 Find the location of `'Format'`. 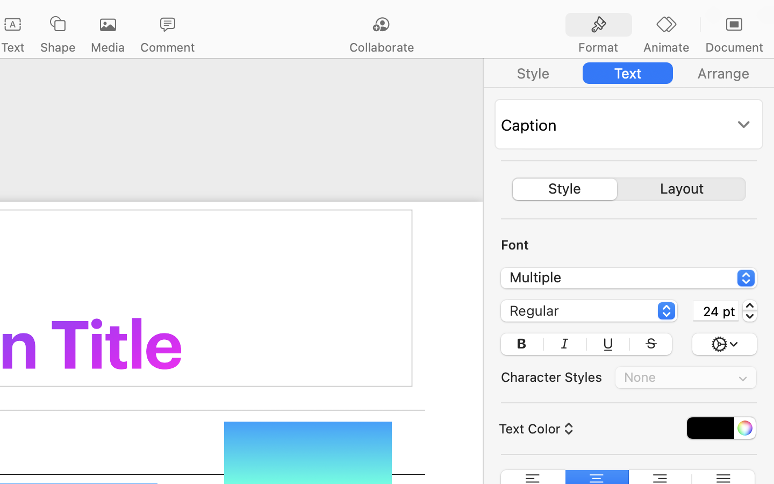

'Format' is located at coordinates (597, 47).